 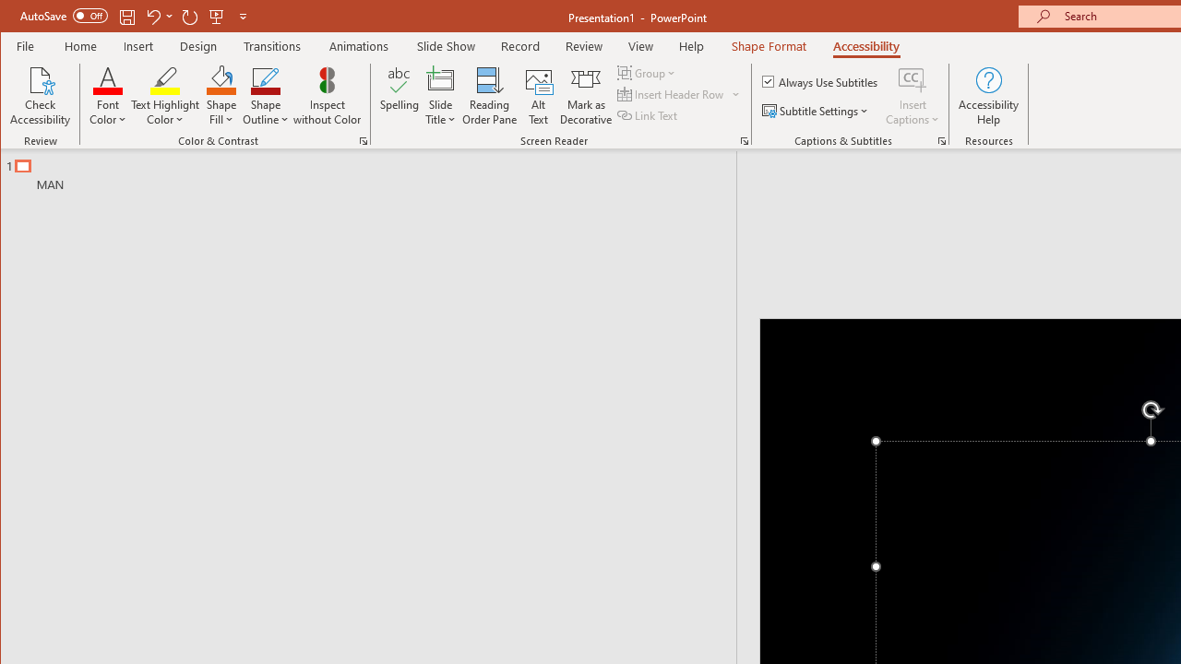 What do you see at coordinates (399, 96) in the screenshot?
I see `'Spelling...'` at bounding box center [399, 96].